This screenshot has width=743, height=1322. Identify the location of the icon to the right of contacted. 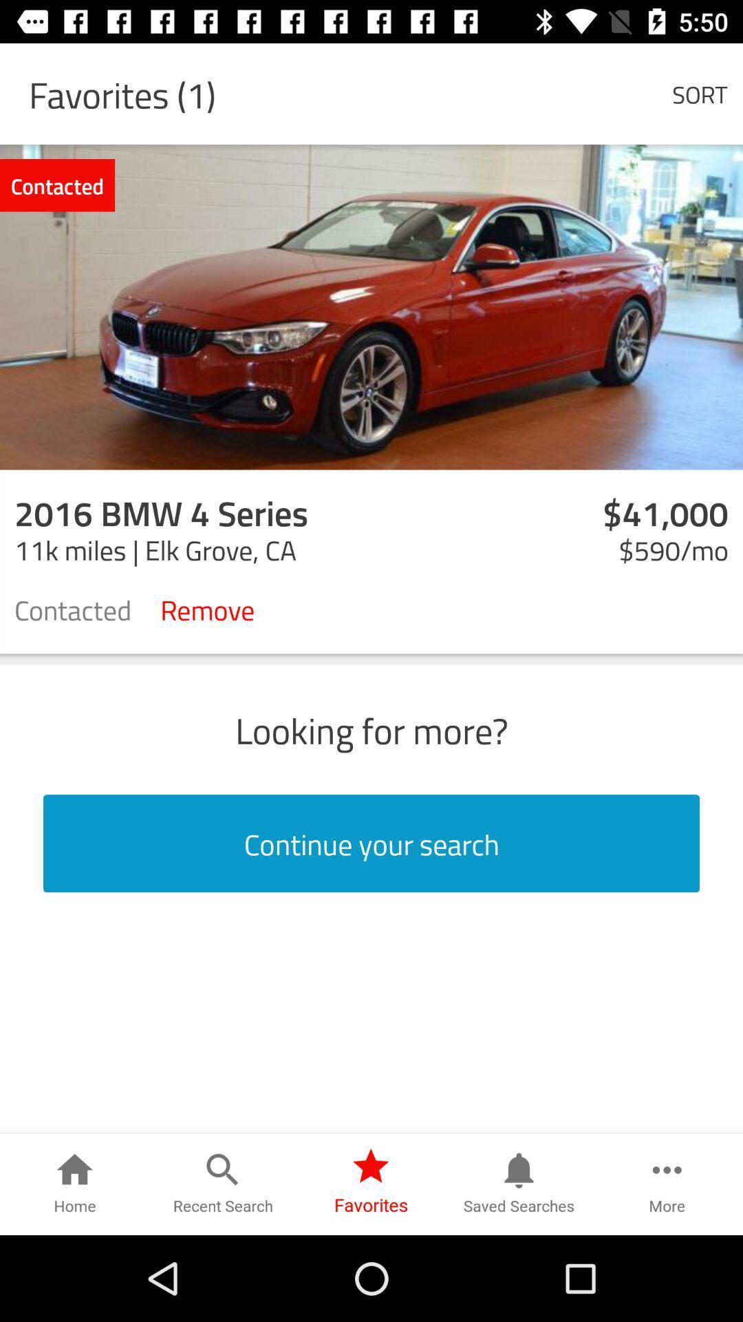
(207, 608).